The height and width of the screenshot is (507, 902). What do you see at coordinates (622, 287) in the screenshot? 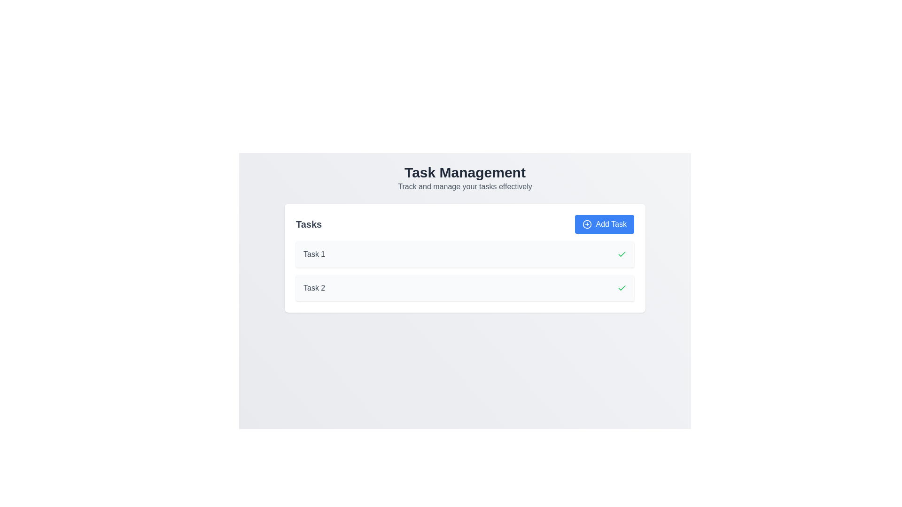
I see `the green checkmark icon indicating the completion status of 'Task 2' by moving to its center point` at bounding box center [622, 287].